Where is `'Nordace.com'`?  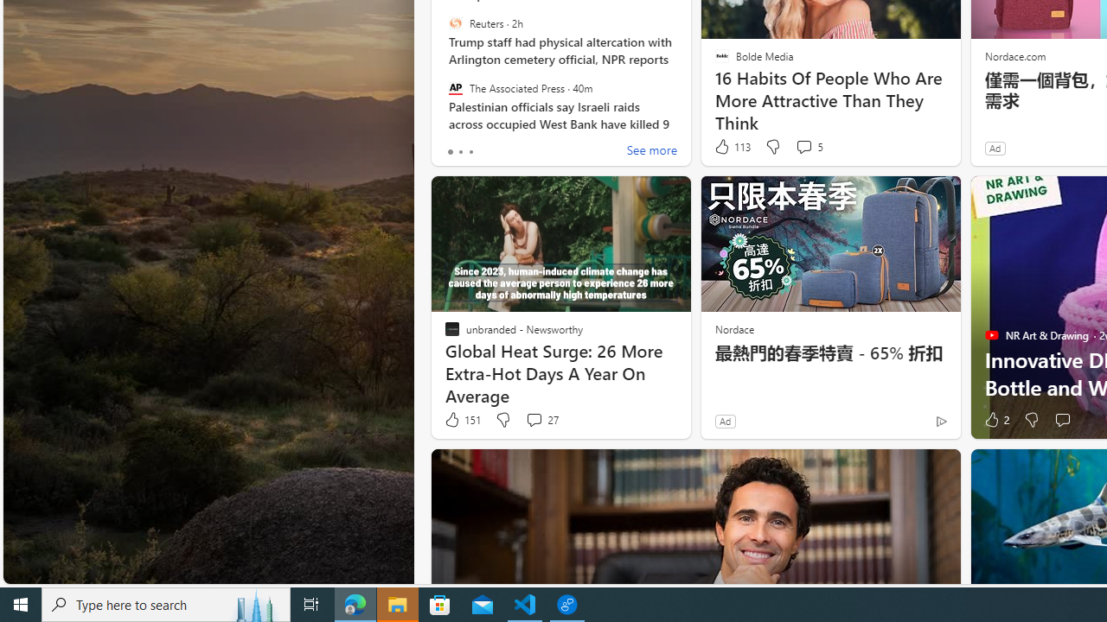 'Nordace.com' is located at coordinates (1014, 54).